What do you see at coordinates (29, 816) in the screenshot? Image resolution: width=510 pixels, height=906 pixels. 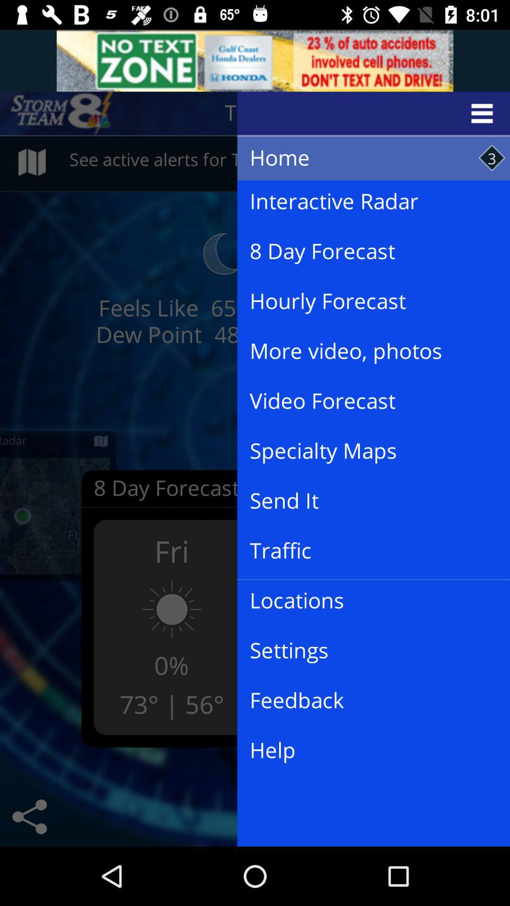 I see `the share icon` at bounding box center [29, 816].